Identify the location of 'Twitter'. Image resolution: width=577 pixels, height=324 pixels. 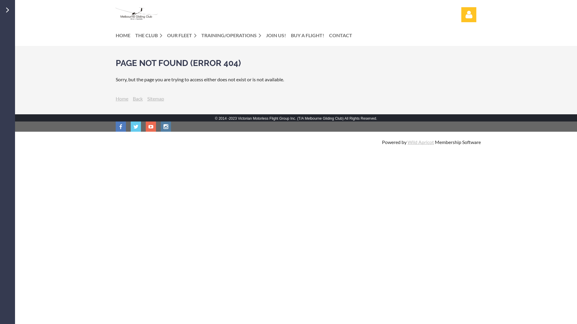
(135, 126).